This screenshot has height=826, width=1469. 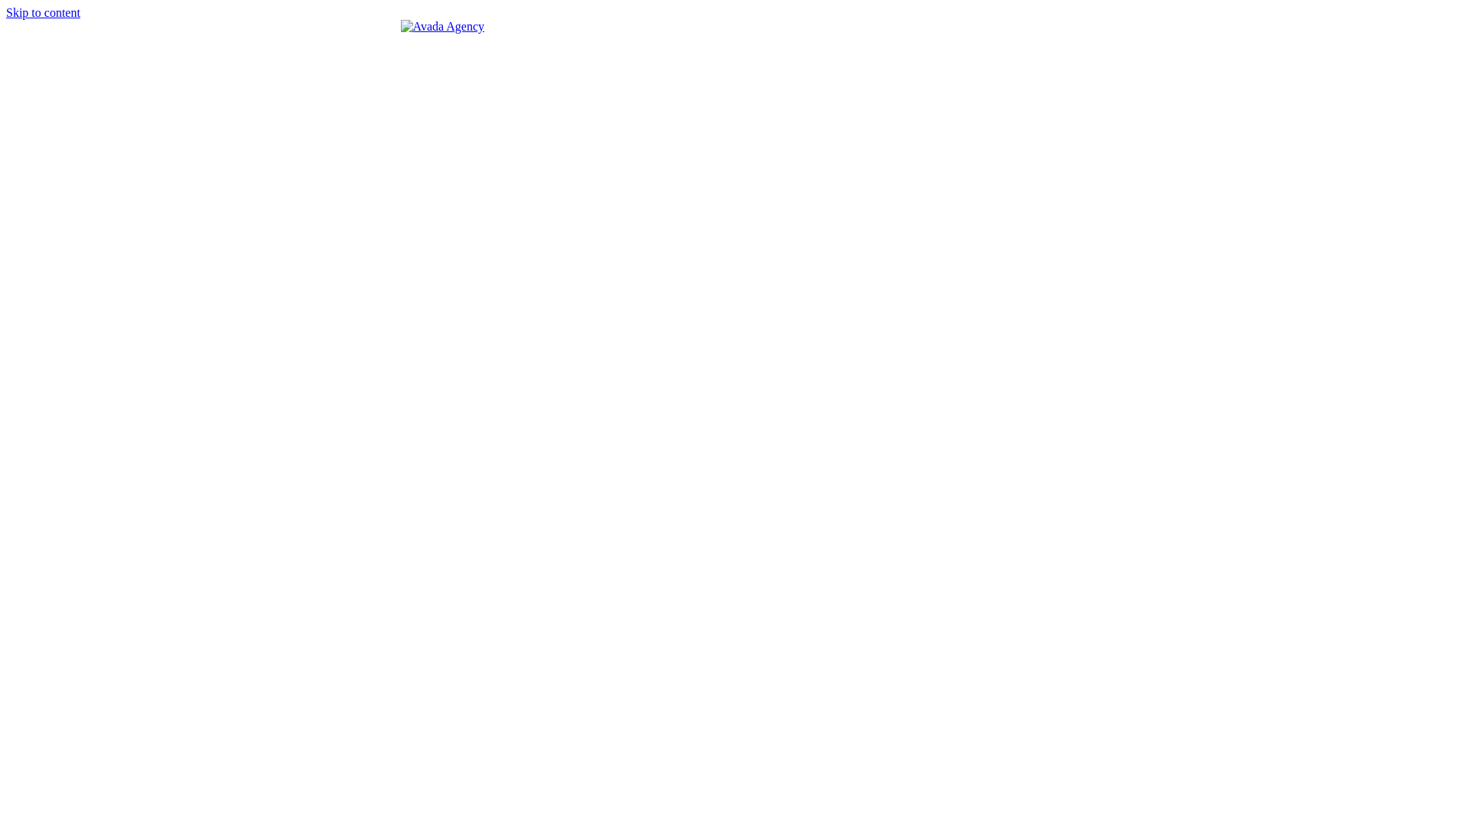 I want to click on 'Skip to content', so click(x=43, y=12).